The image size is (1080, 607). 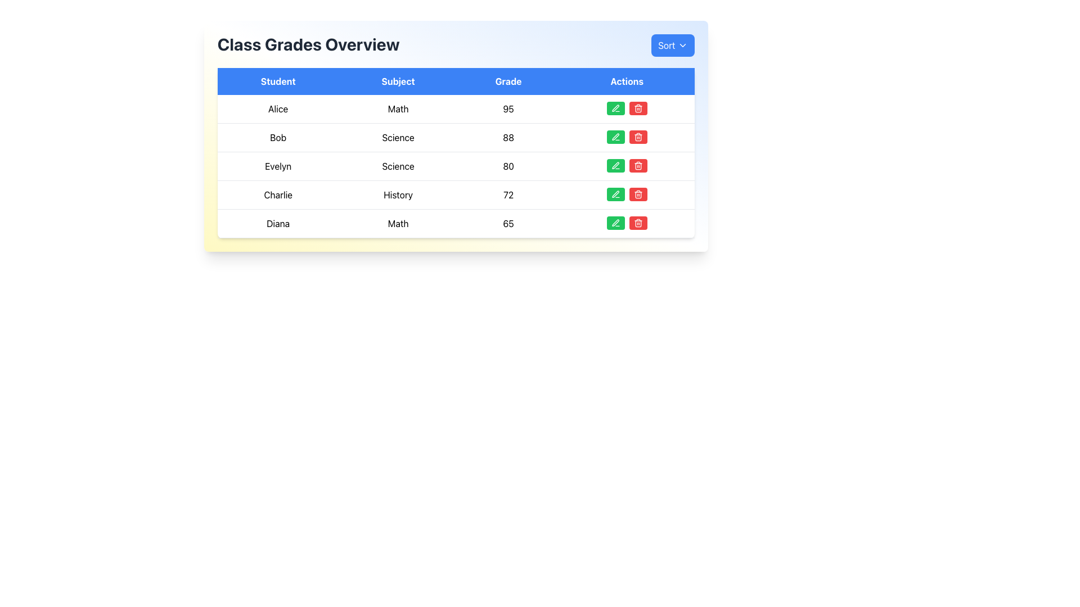 What do you see at coordinates (638, 165) in the screenshot?
I see `the delete button located in the 'Actions' column of the row corresponding to 'Evelyn'` at bounding box center [638, 165].